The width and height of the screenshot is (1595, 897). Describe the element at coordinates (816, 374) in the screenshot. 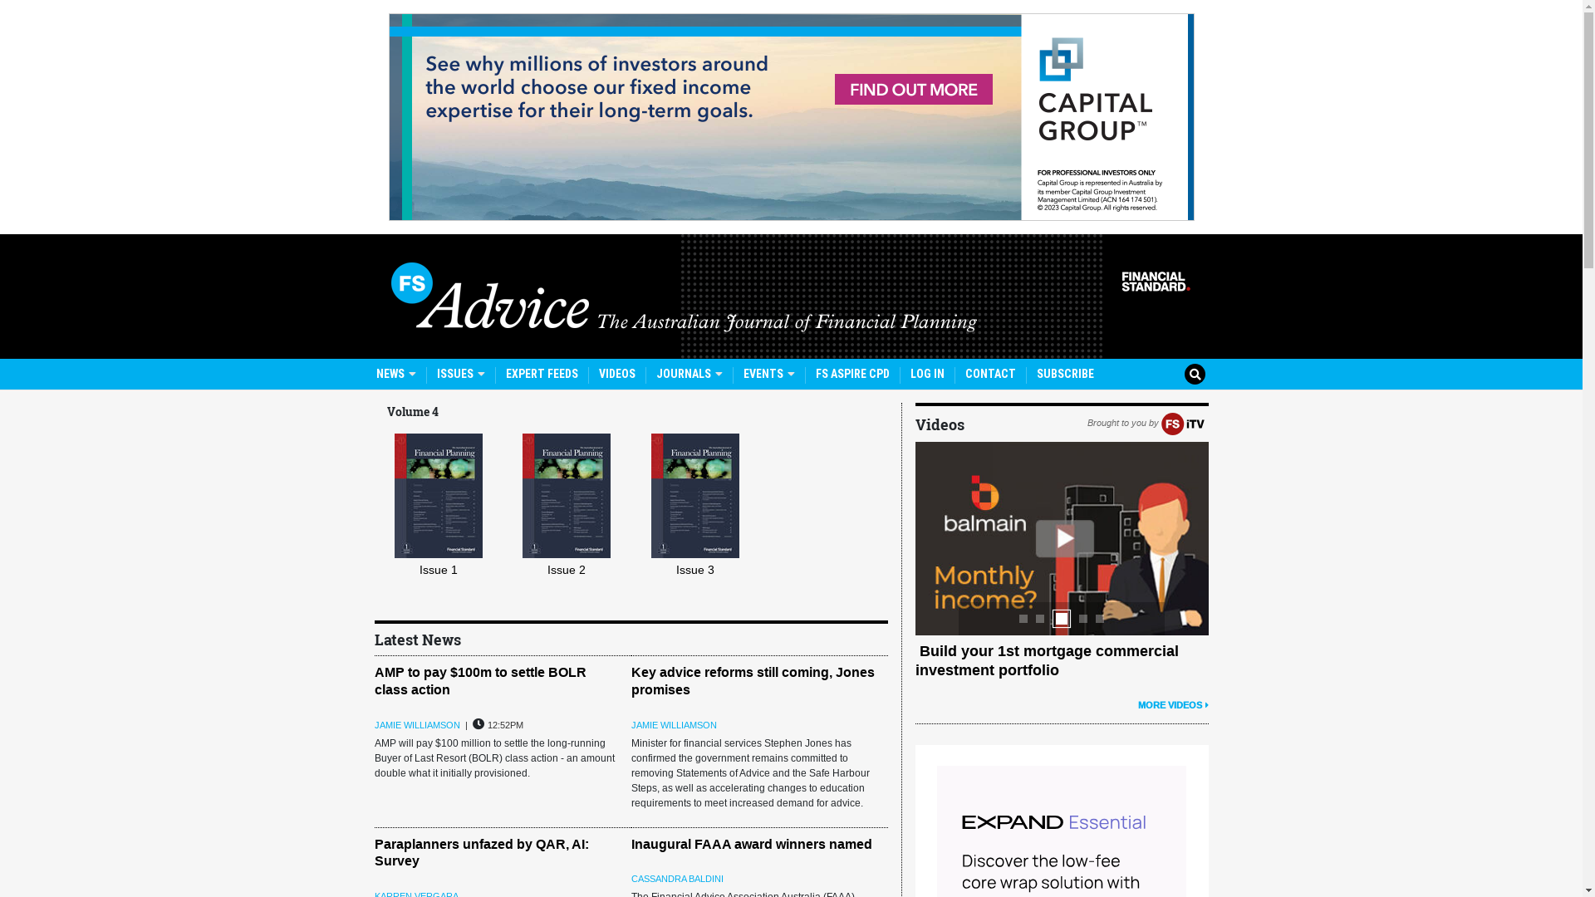

I see `'FS ASPIRE CPD'` at that location.